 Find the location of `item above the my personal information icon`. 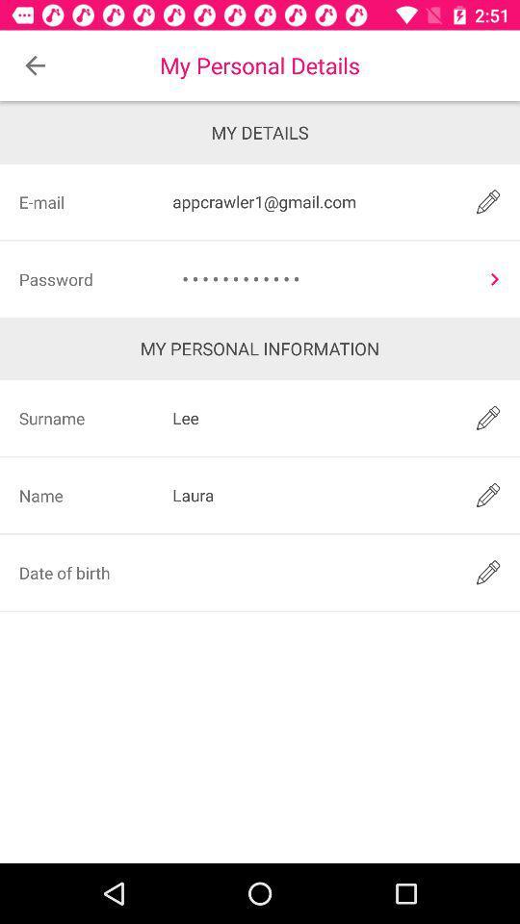

item above the my personal information icon is located at coordinates (322, 278).